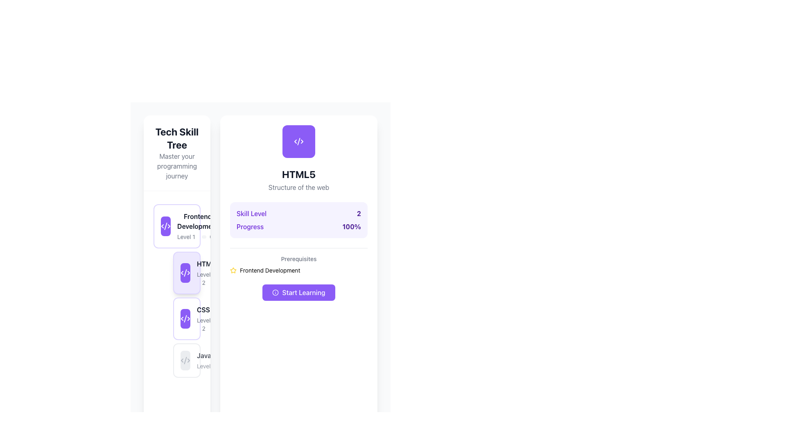 The image size is (786, 442). I want to click on the skill level component for 'Frontend Development', so click(198, 226).